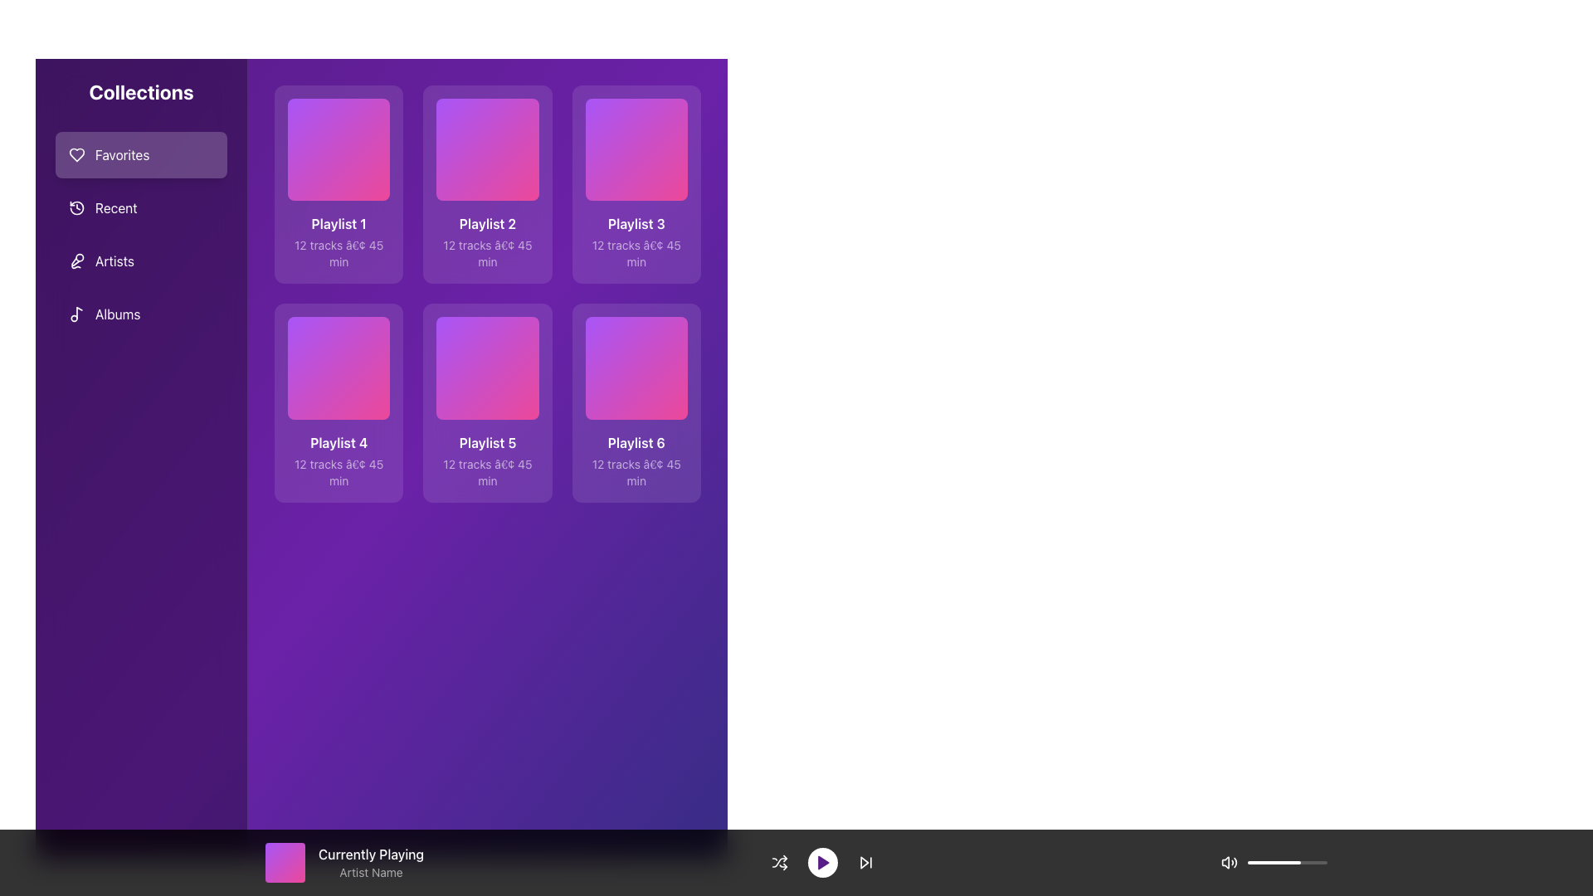  What do you see at coordinates (486, 254) in the screenshot?
I see `the descriptive Label indicating the number of tracks and total duration for 'Playlist 2', located within the 'Playlist 2' card` at bounding box center [486, 254].